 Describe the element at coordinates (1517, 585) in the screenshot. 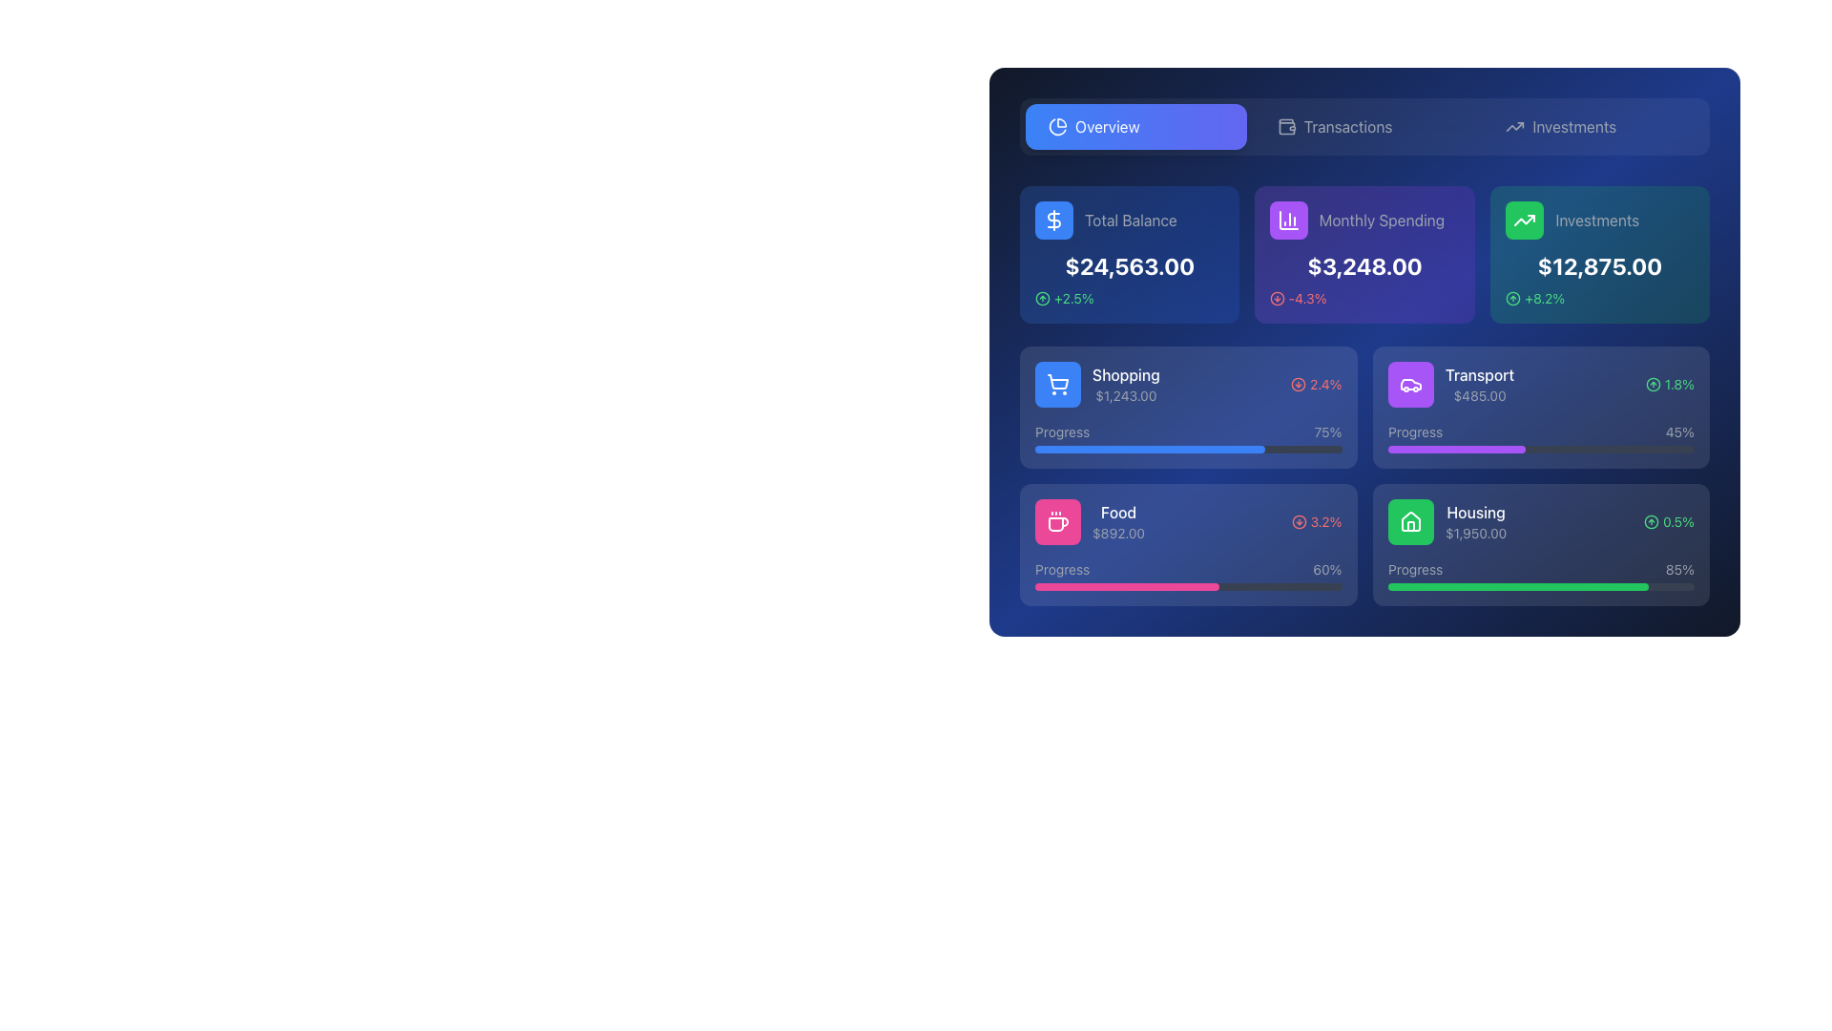

I see `the progress represented by the filled portion of the progress bar indicating 85% completion for the 'Housing' task` at that location.